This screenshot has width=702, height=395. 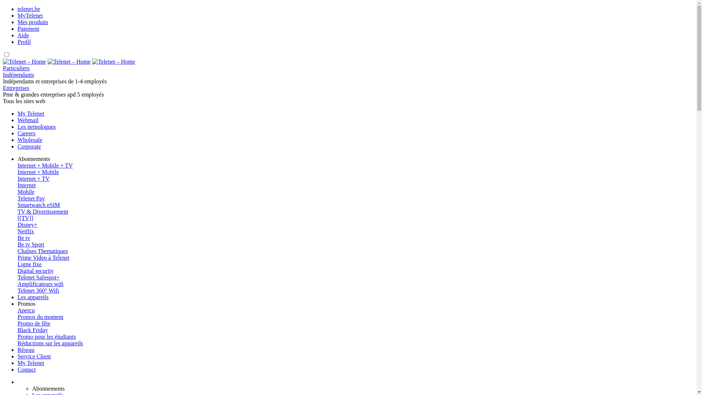 What do you see at coordinates (26, 231) in the screenshot?
I see `'Netflix'` at bounding box center [26, 231].